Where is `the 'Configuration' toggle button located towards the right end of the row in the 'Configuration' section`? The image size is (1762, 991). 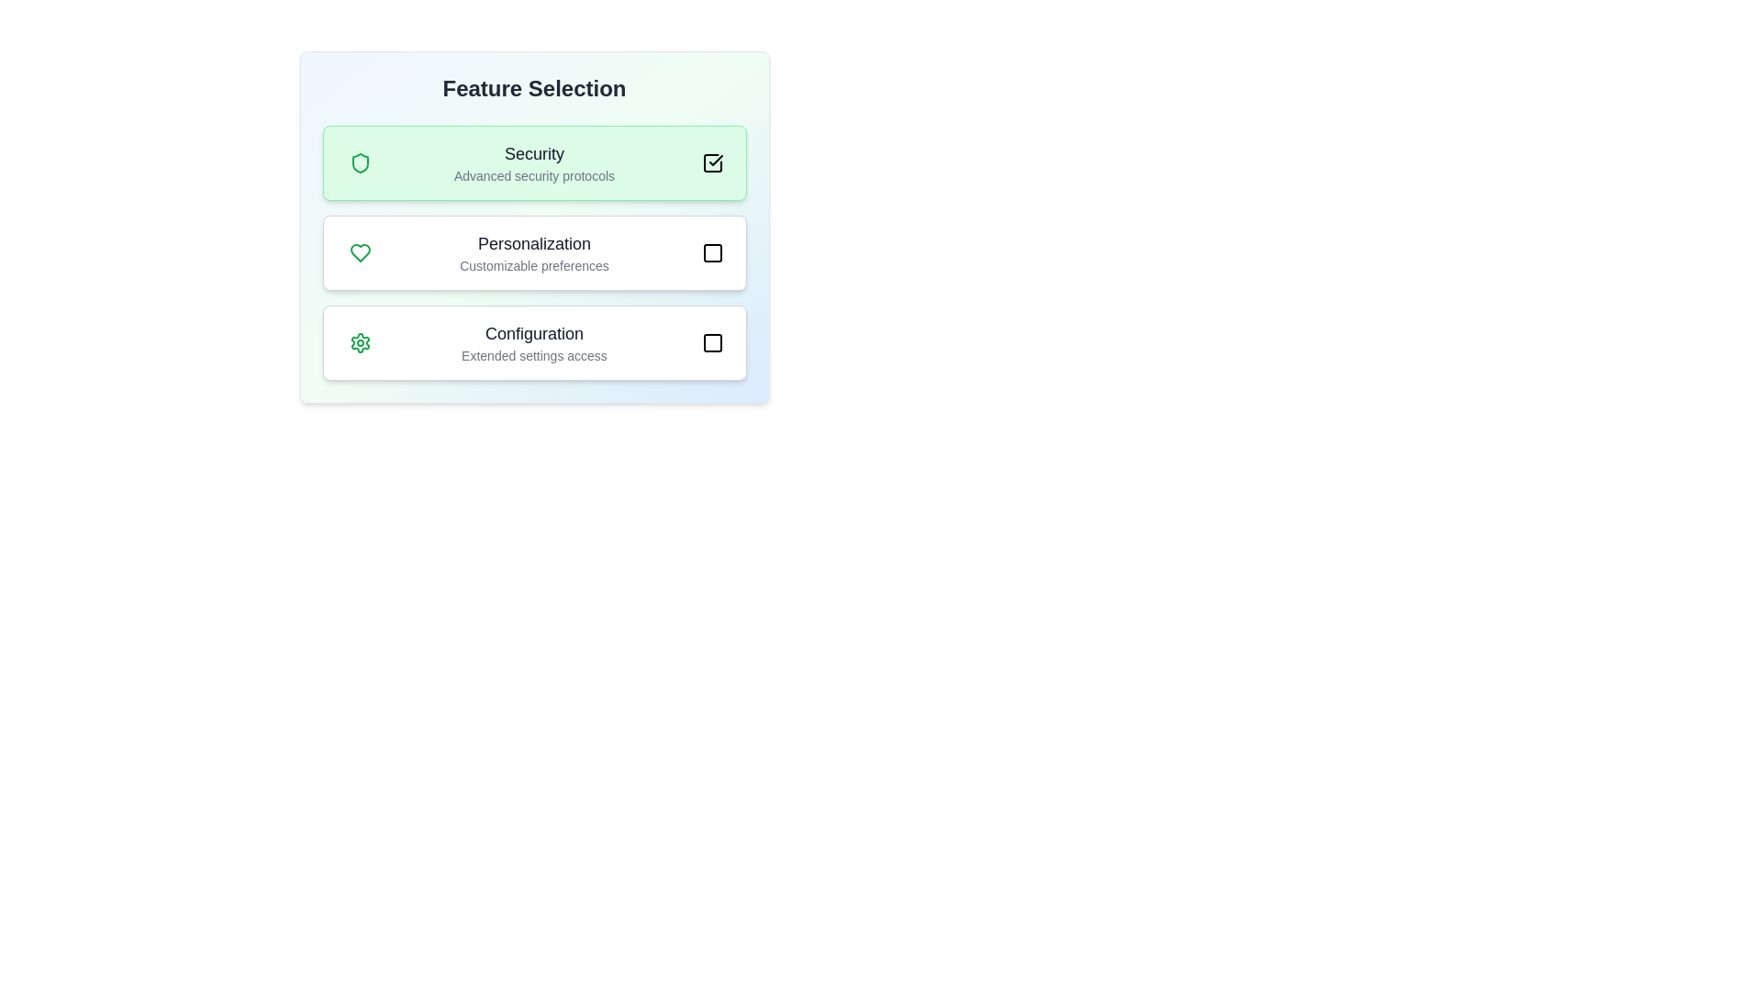 the 'Configuration' toggle button located towards the right end of the row in the 'Configuration' section is located at coordinates (711, 343).